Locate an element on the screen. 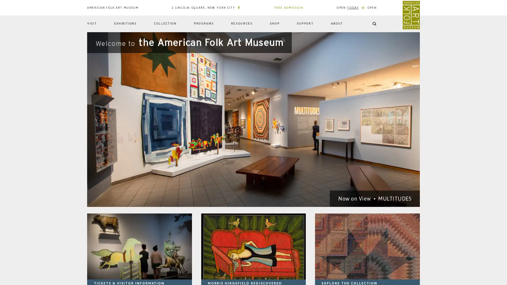  SEARCH is located at coordinates (406, 42).